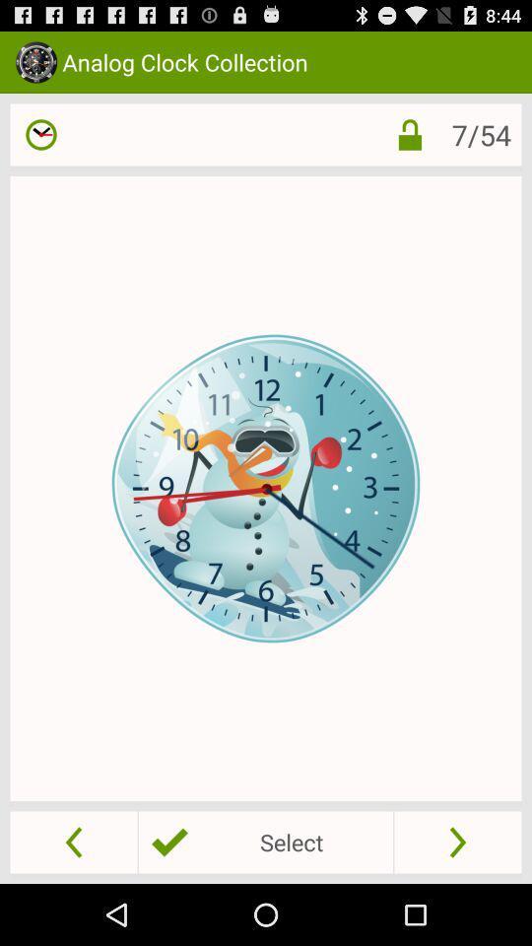 Image resolution: width=532 pixels, height=946 pixels. Describe the element at coordinates (73, 841) in the screenshot. I see `previous` at that location.